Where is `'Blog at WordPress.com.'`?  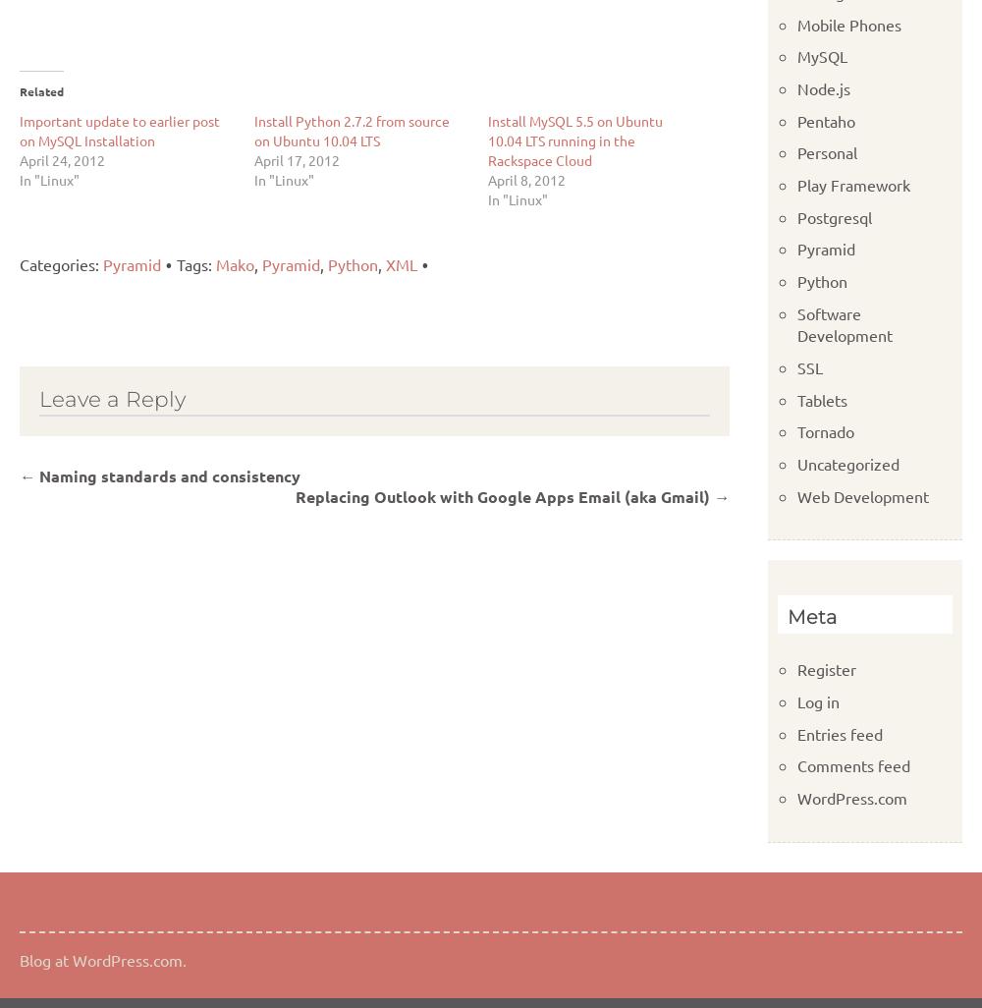
'Blog at WordPress.com.' is located at coordinates (102, 958).